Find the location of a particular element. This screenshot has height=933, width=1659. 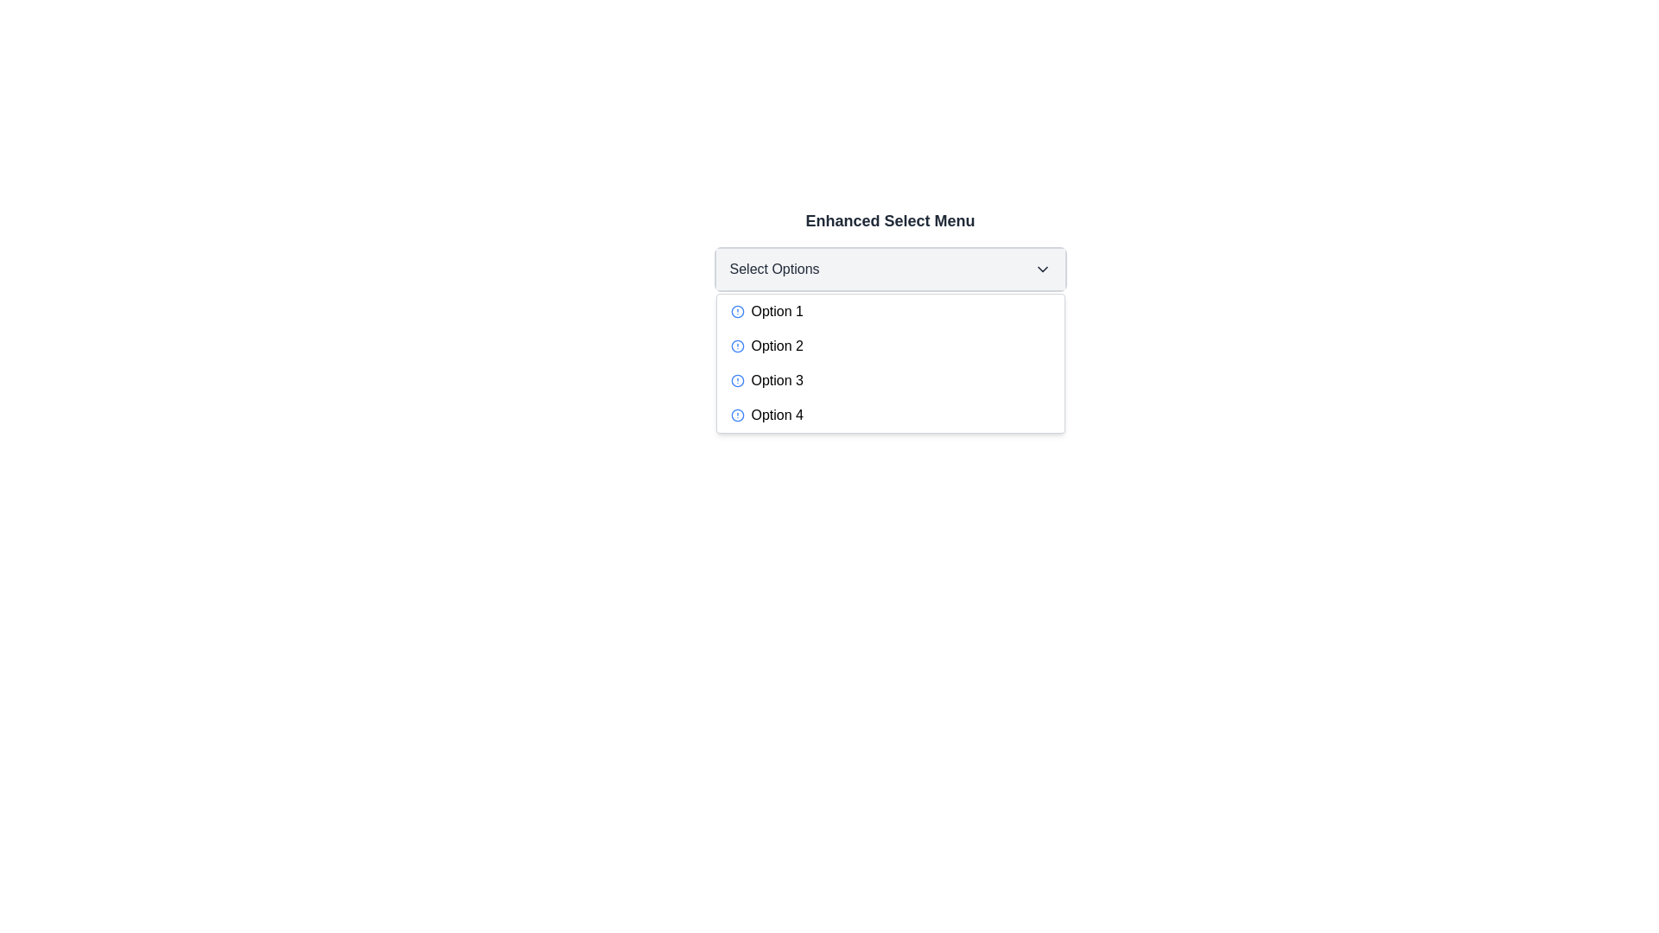

the 'Option 1' text label, which is part of a dropdown selection component and is visually aligned with a circular informational icon to its left is located at coordinates (776, 312).